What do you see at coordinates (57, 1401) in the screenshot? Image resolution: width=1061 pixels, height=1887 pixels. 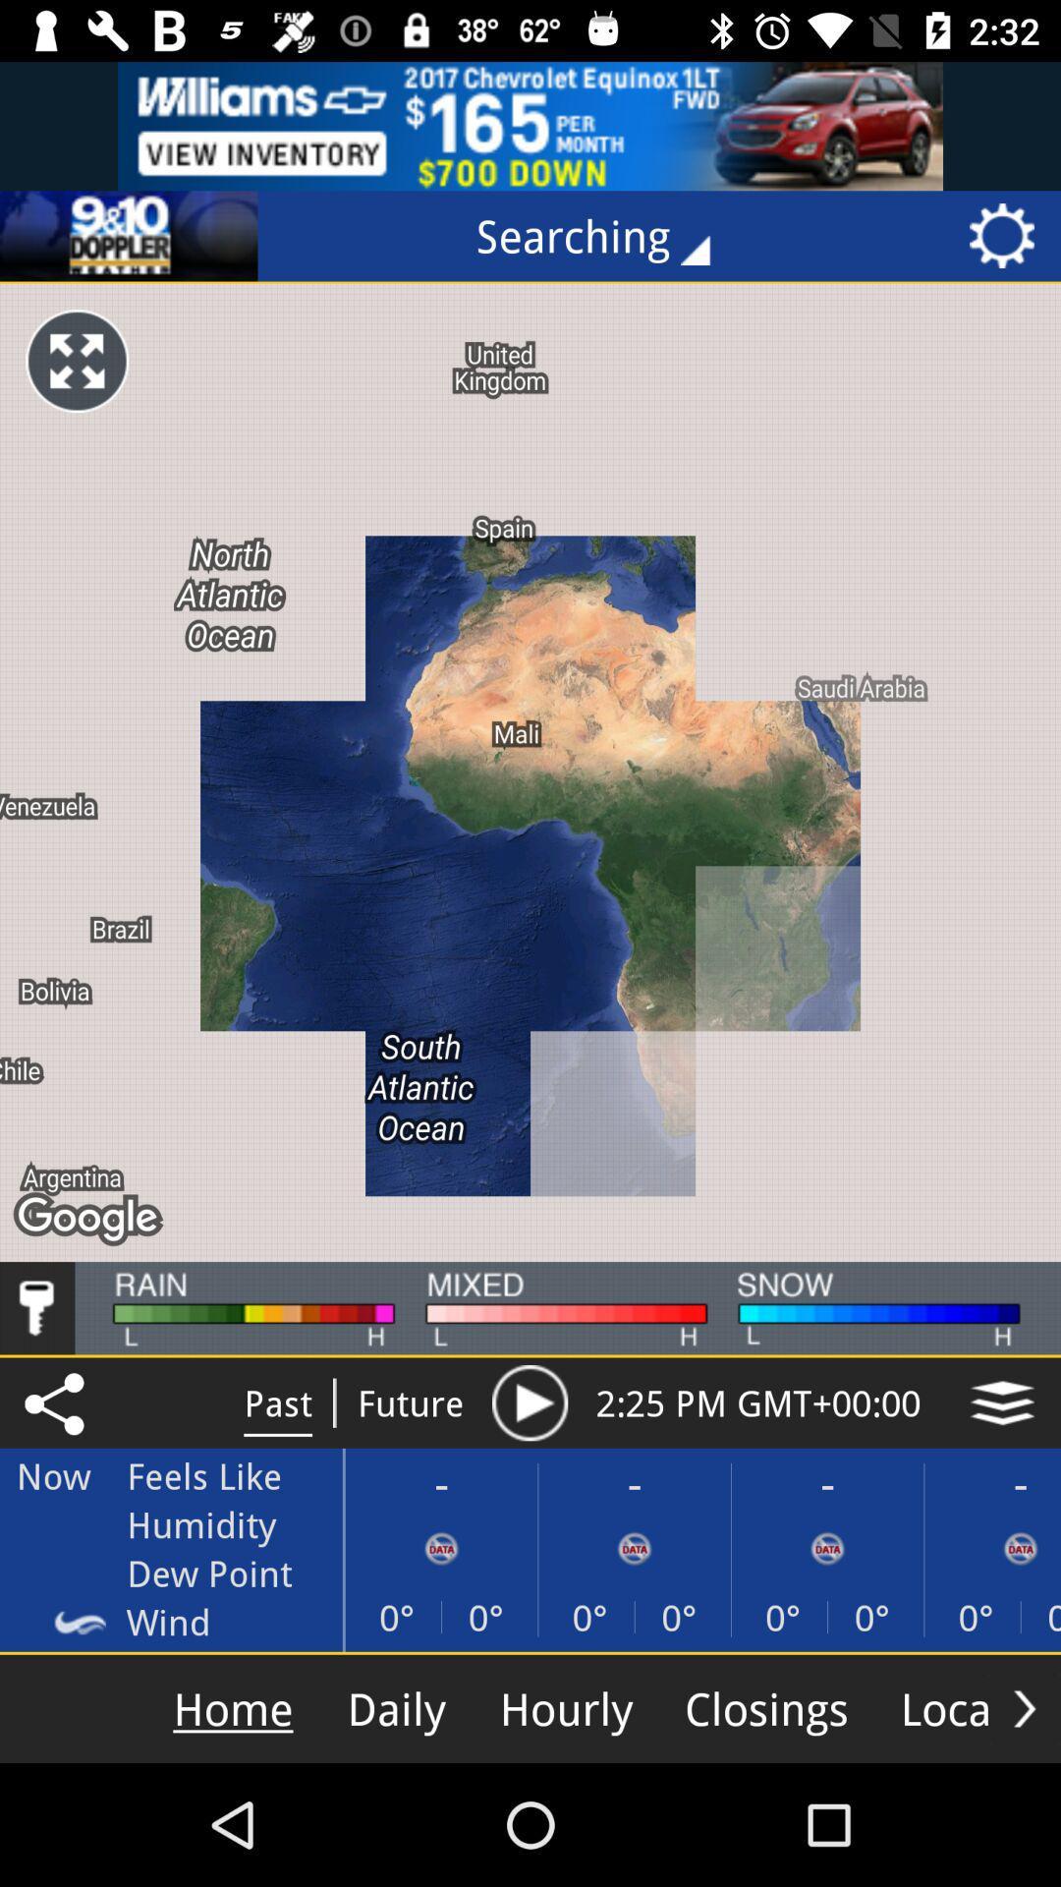 I see `the share icon` at bounding box center [57, 1401].